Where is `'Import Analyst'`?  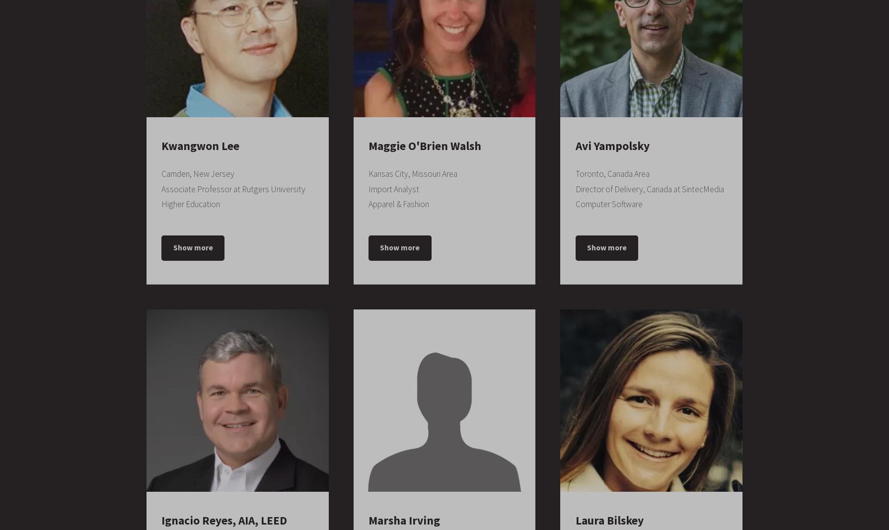
'Import Analyst' is located at coordinates (393, 188).